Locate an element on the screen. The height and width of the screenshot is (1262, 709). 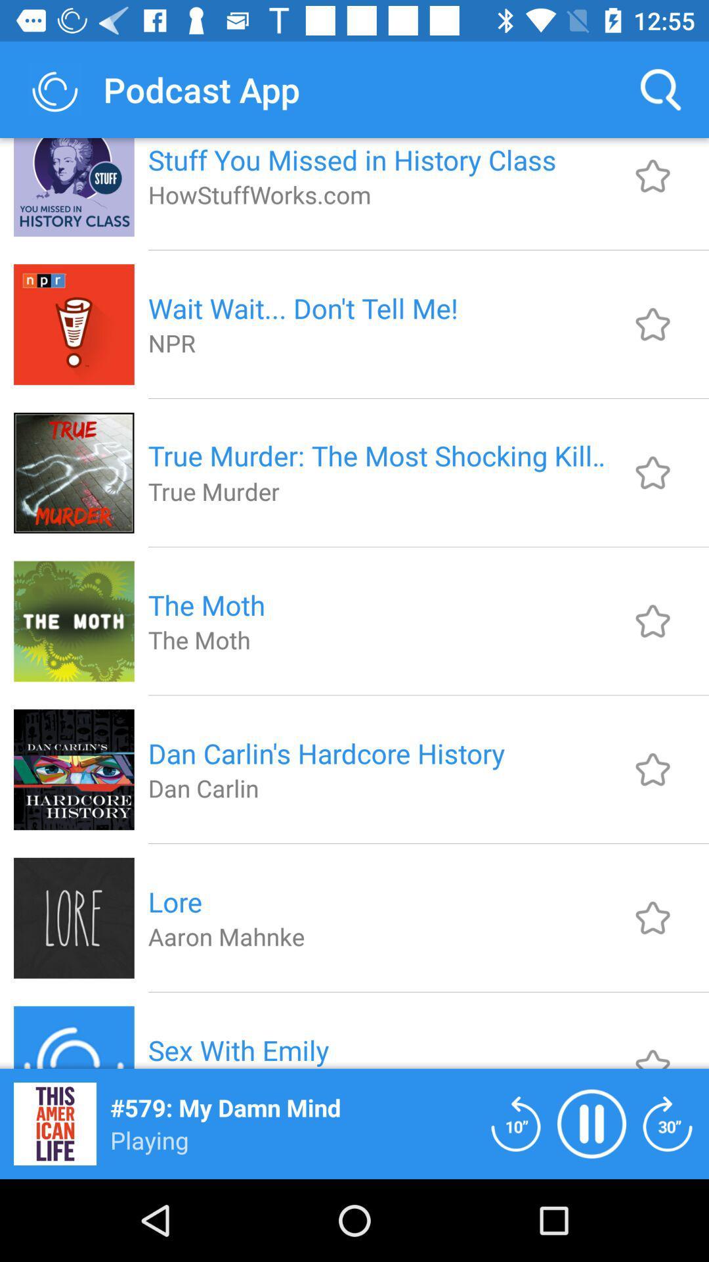
adicionar aos favoritos is located at coordinates (653, 917).